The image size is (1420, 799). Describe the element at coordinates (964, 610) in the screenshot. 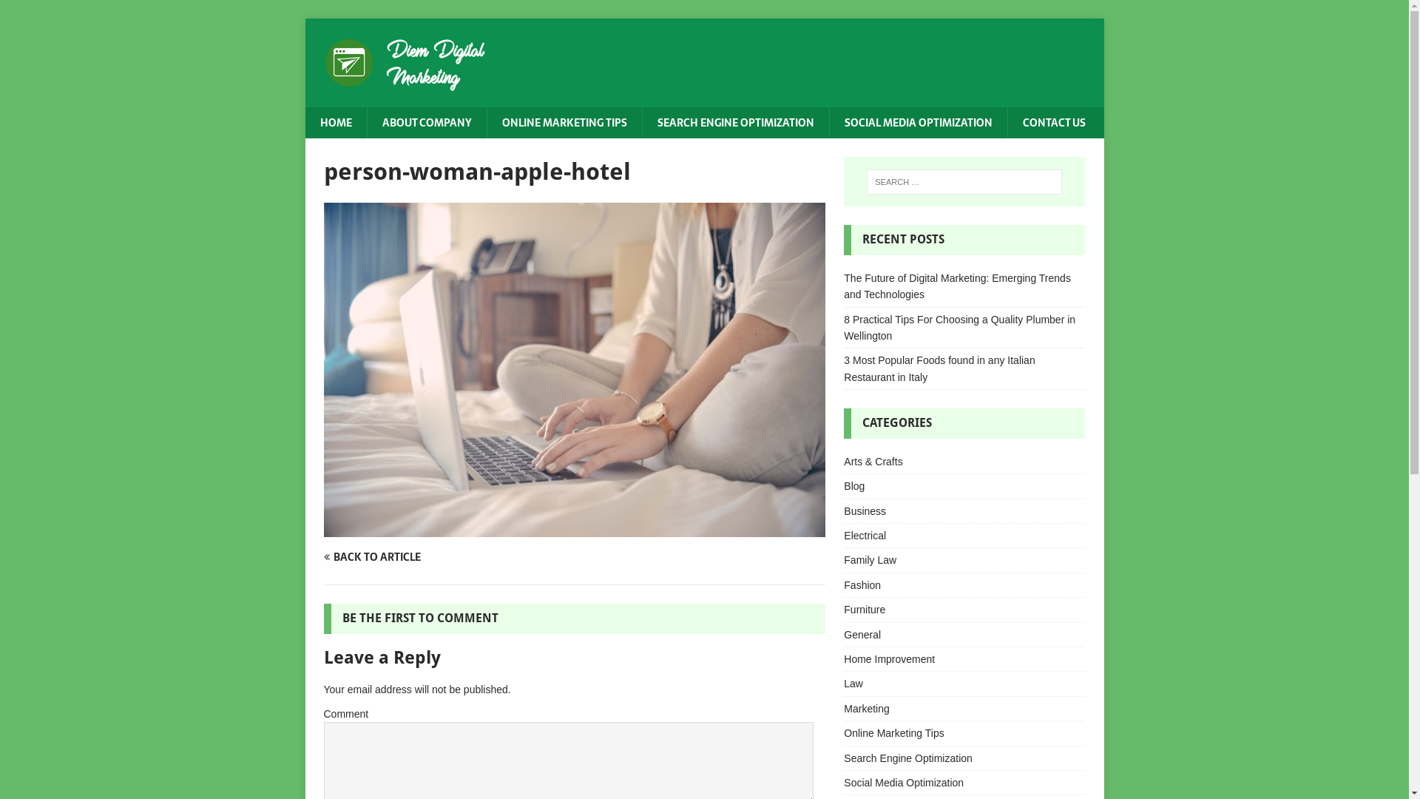

I see `'Furniture'` at that location.